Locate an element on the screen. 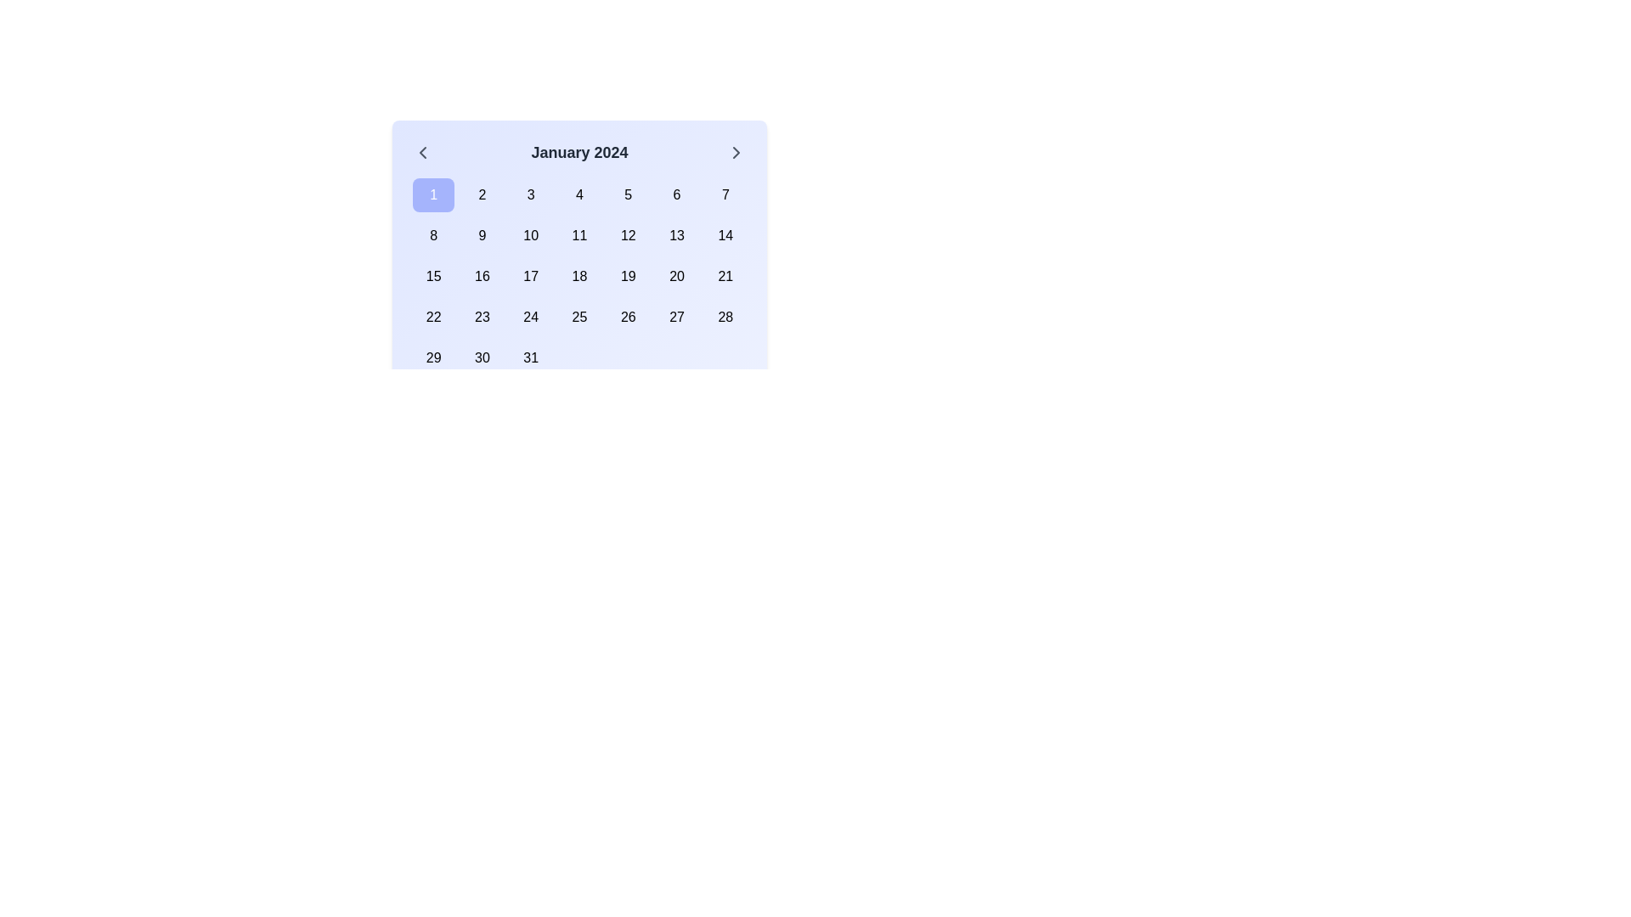 This screenshot has height=917, width=1631. the Text Label displaying 'January 2024' which is located at the top center of the calendar interface, indicating the current month is located at coordinates (579, 153).